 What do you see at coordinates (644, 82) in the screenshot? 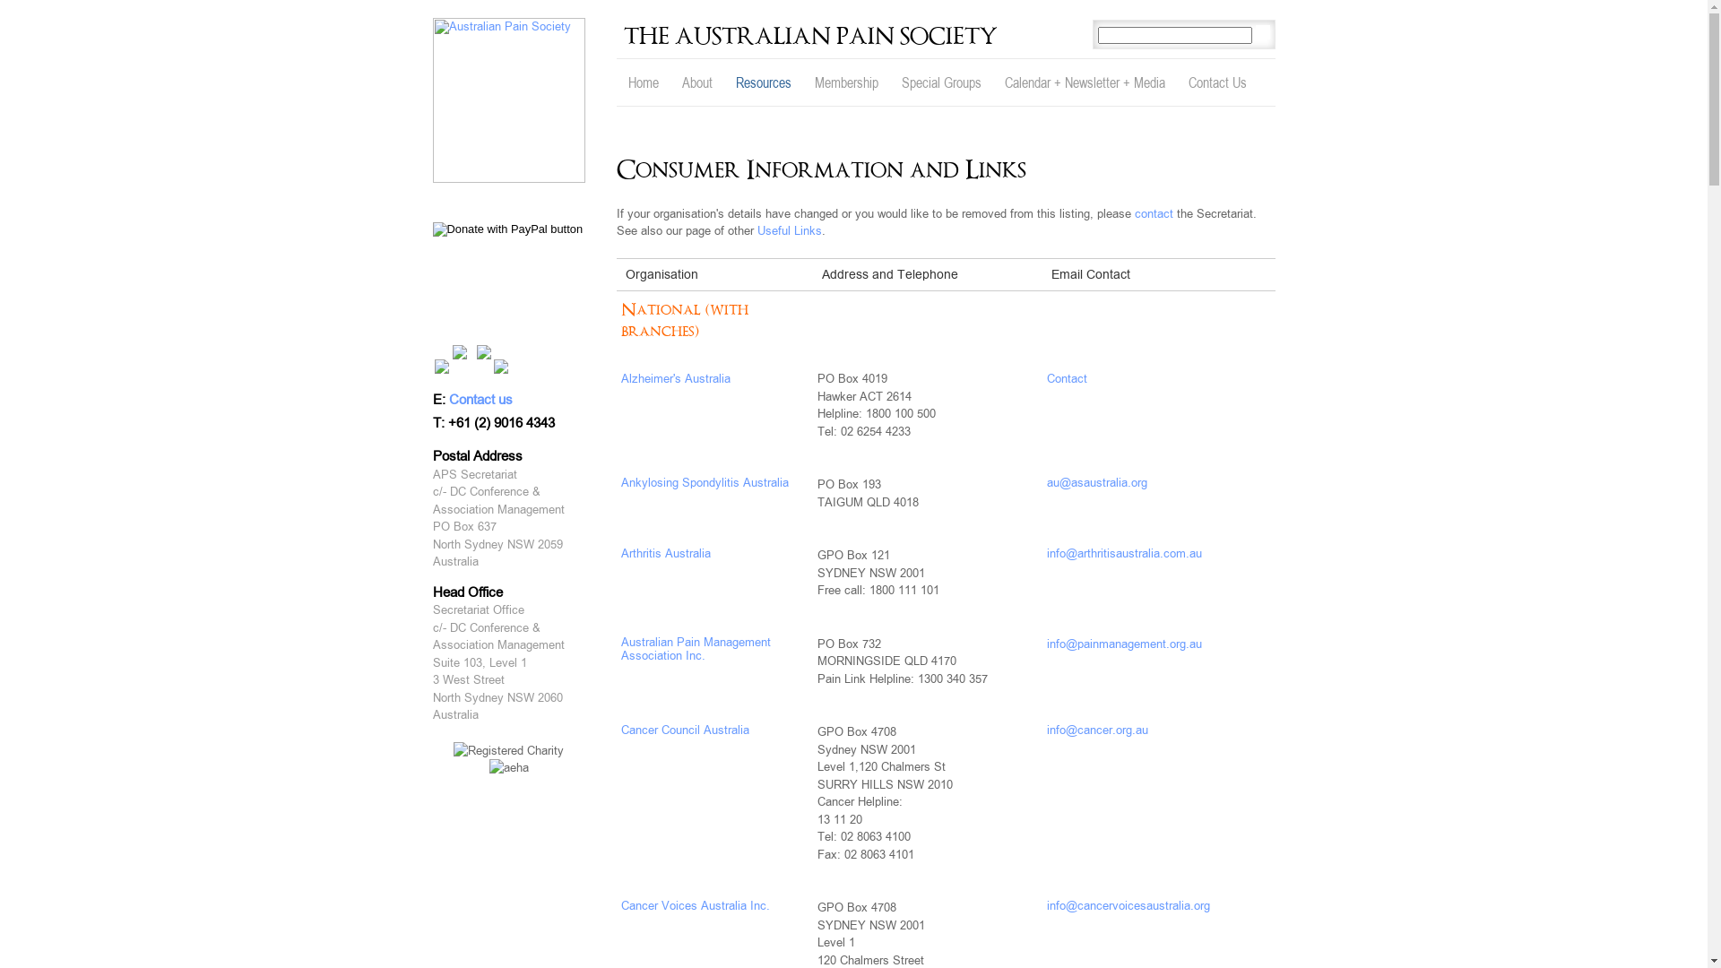
I see `'Home'` at bounding box center [644, 82].